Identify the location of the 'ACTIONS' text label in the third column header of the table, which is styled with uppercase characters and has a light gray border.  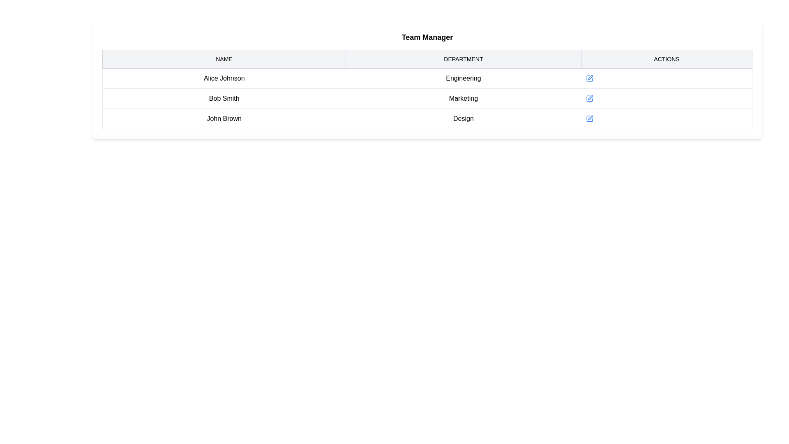
(667, 58).